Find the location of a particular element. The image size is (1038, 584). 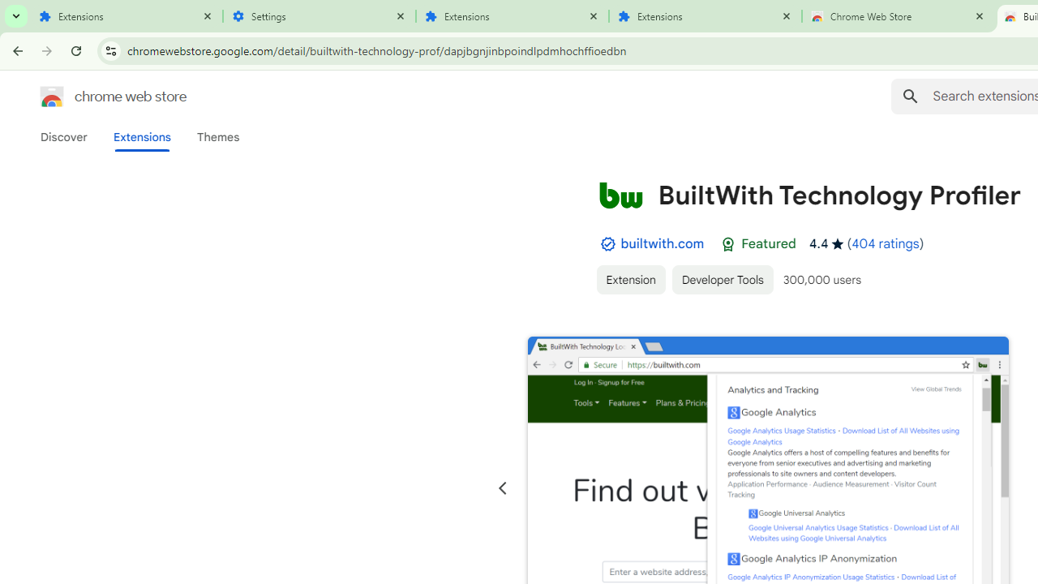

'Chrome Web Store logo chrome web store' is located at coordinates (96, 97).